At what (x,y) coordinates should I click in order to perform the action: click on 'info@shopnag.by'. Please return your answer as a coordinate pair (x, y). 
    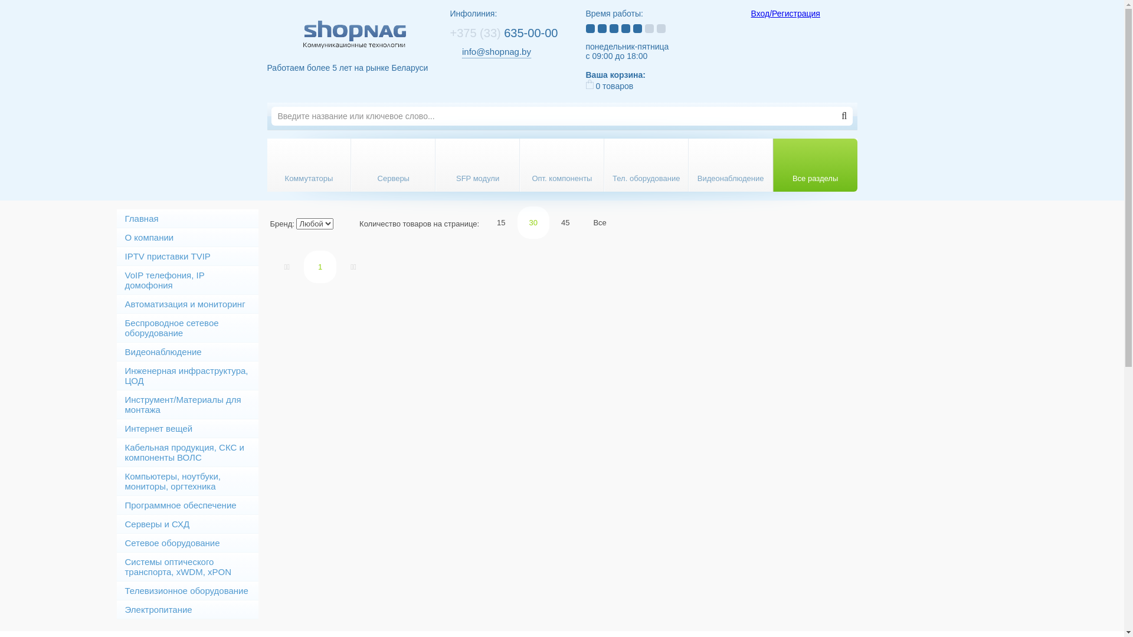
    Looking at the image, I should click on (461, 51).